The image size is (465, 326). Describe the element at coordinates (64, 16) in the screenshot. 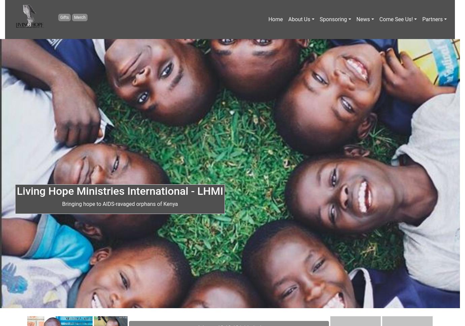

I see `'Gifts'` at that location.